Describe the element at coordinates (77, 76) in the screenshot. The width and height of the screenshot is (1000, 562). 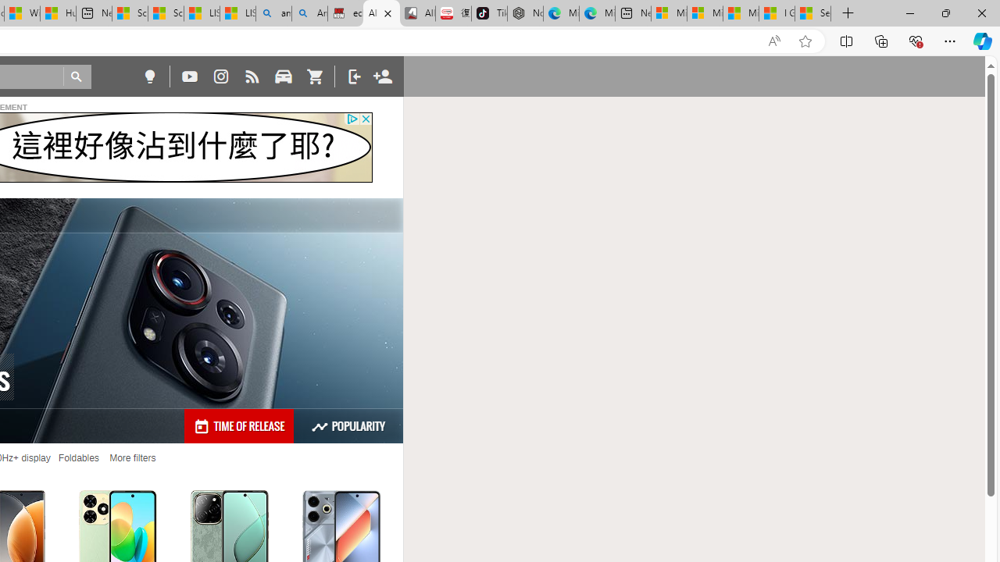
I see `'Go'` at that location.